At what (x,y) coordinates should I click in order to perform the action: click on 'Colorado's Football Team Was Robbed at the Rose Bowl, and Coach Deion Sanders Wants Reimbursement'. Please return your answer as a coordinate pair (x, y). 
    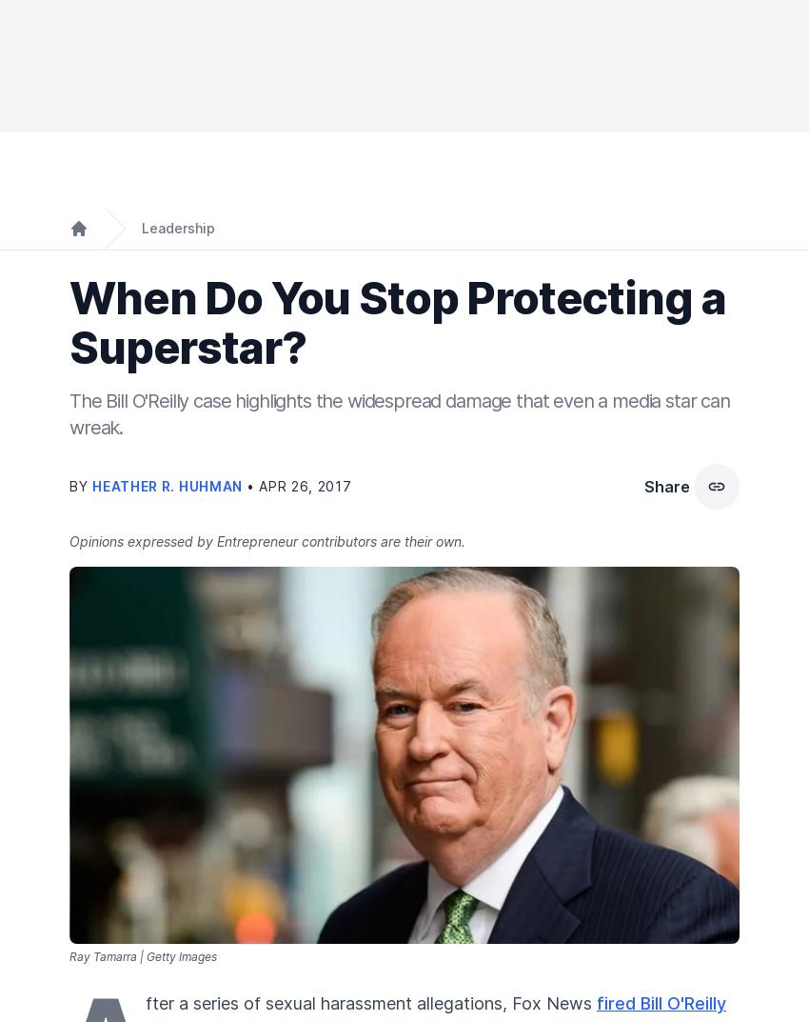
    Looking at the image, I should click on (69, 456).